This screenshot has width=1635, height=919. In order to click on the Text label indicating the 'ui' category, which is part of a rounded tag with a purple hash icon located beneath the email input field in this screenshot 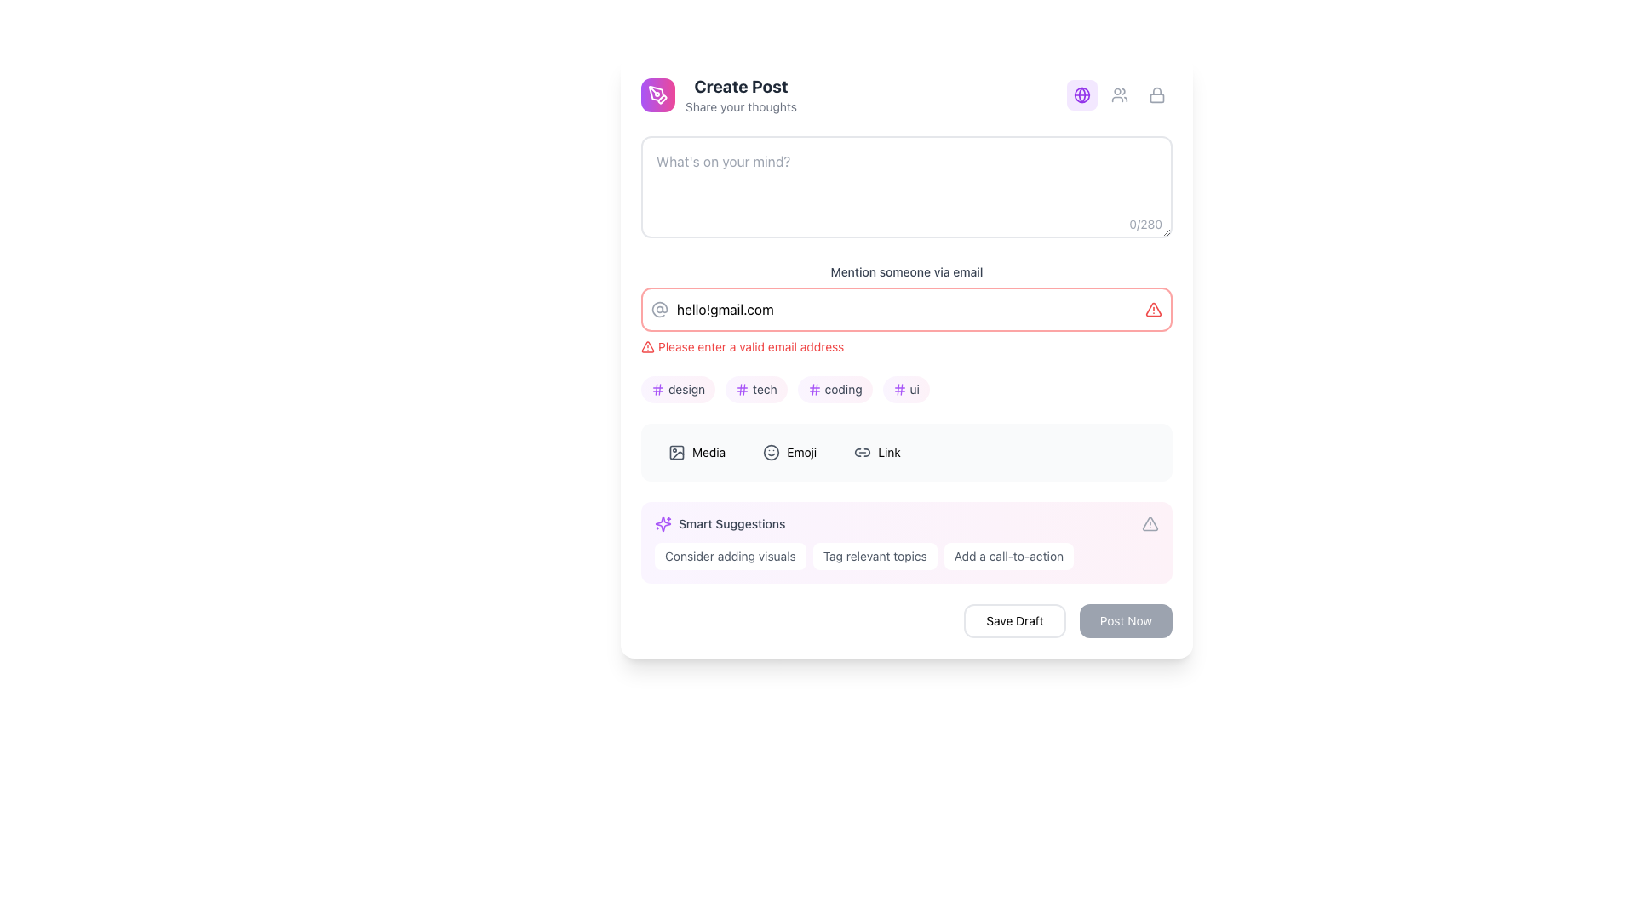, I will do `click(914, 390)`.